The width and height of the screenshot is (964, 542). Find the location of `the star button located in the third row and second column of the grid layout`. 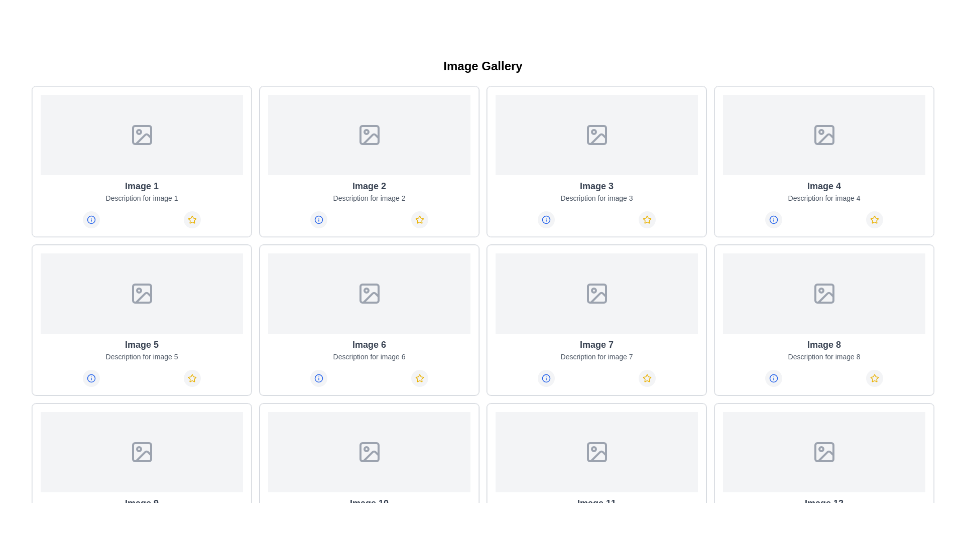

the star button located in the third row and second column of the grid layout is located at coordinates (420, 378).